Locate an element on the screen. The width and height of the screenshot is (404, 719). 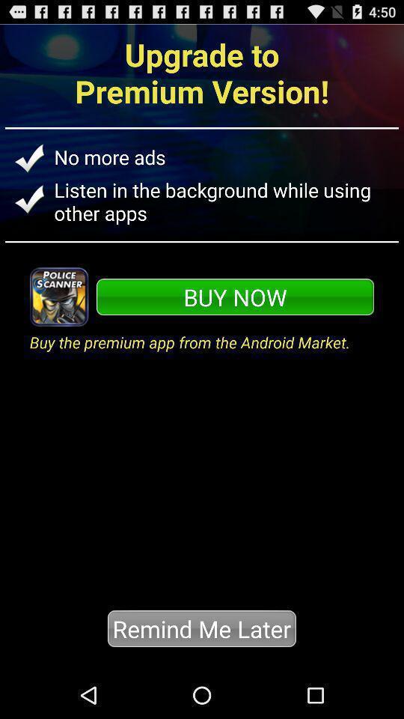
app above buy the premium is located at coordinates (235, 296).